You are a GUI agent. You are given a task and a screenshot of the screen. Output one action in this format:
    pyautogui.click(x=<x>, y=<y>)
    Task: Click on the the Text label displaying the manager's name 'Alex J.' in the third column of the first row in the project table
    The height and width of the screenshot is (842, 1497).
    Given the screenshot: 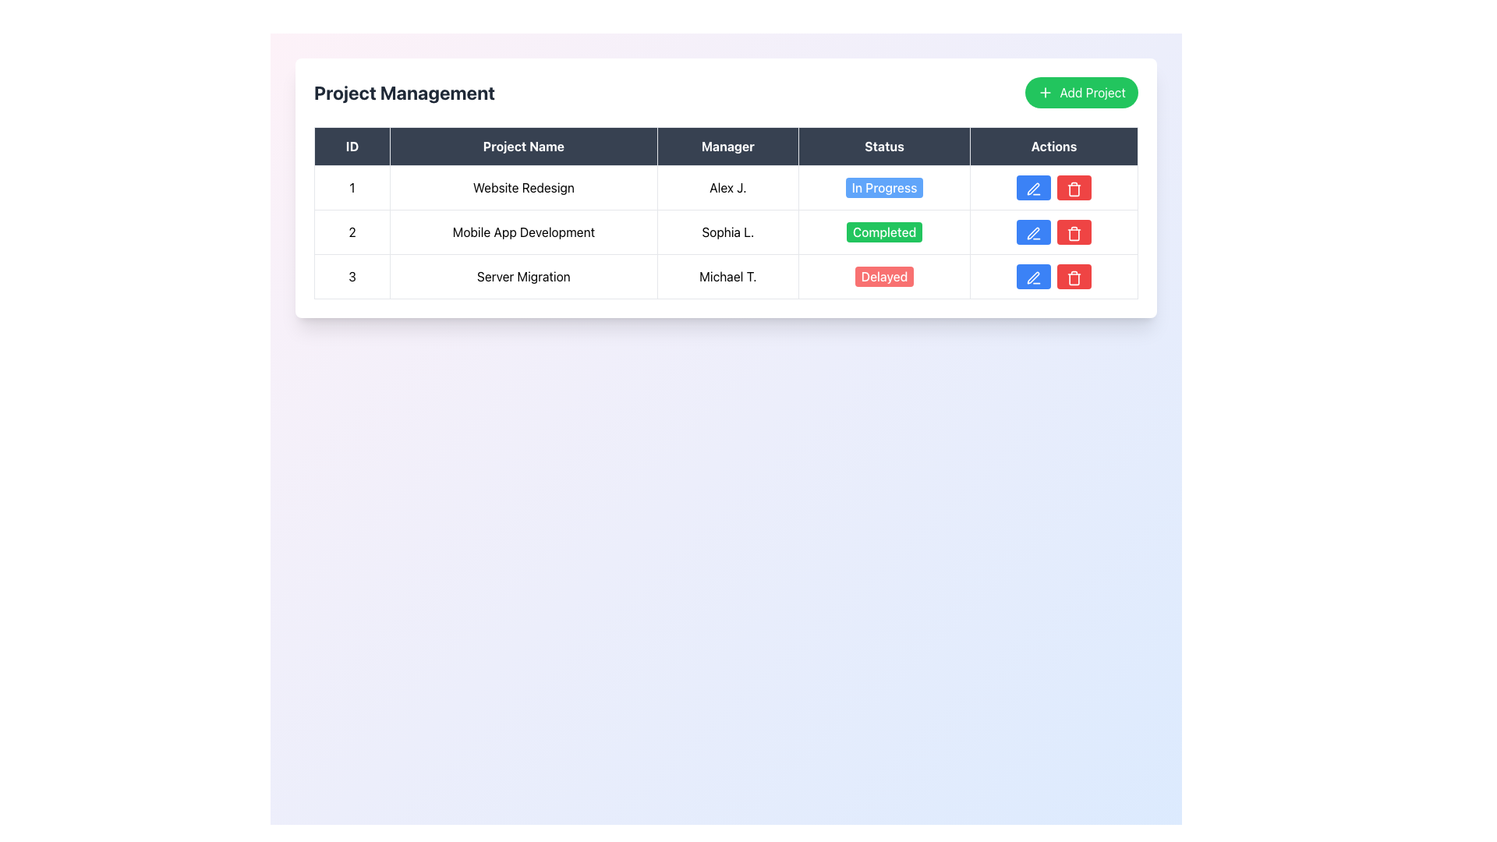 What is the action you would take?
    pyautogui.click(x=727, y=186)
    